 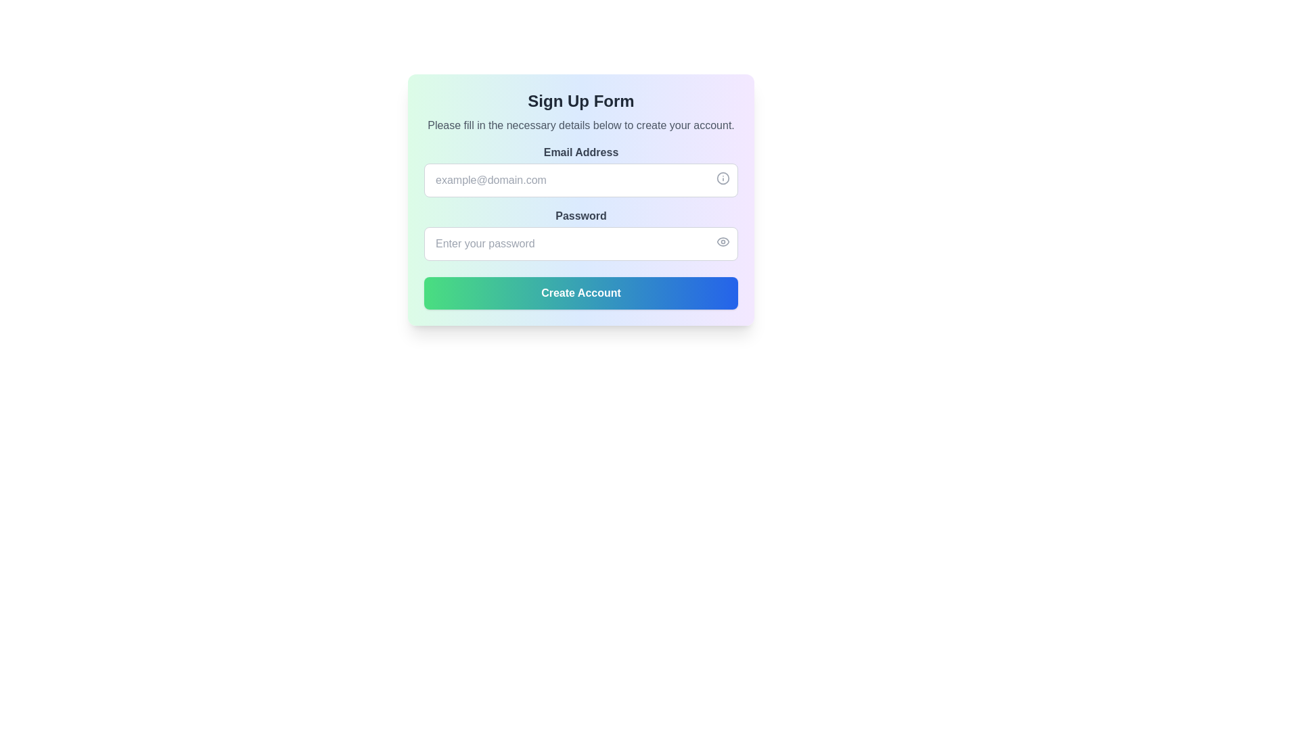 What do you see at coordinates (723, 241) in the screenshot?
I see `the small eye icon button located in the top-right corner of the password input field labeled 'Password'` at bounding box center [723, 241].